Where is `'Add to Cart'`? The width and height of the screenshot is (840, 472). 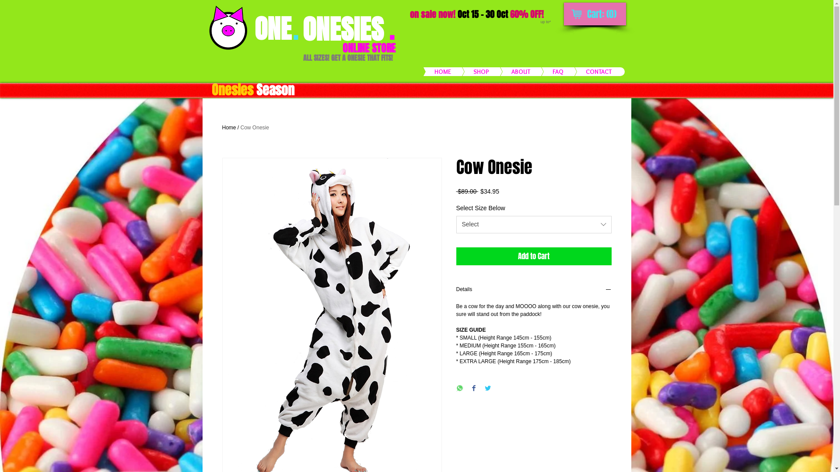 'Add to Cart' is located at coordinates (533, 256).